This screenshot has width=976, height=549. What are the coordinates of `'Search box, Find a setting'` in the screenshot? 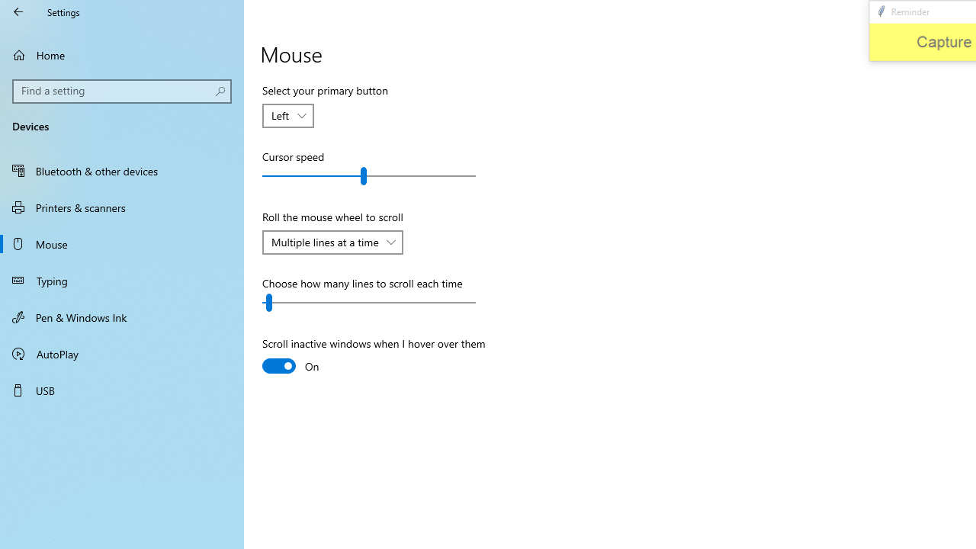 It's located at (122, 91).